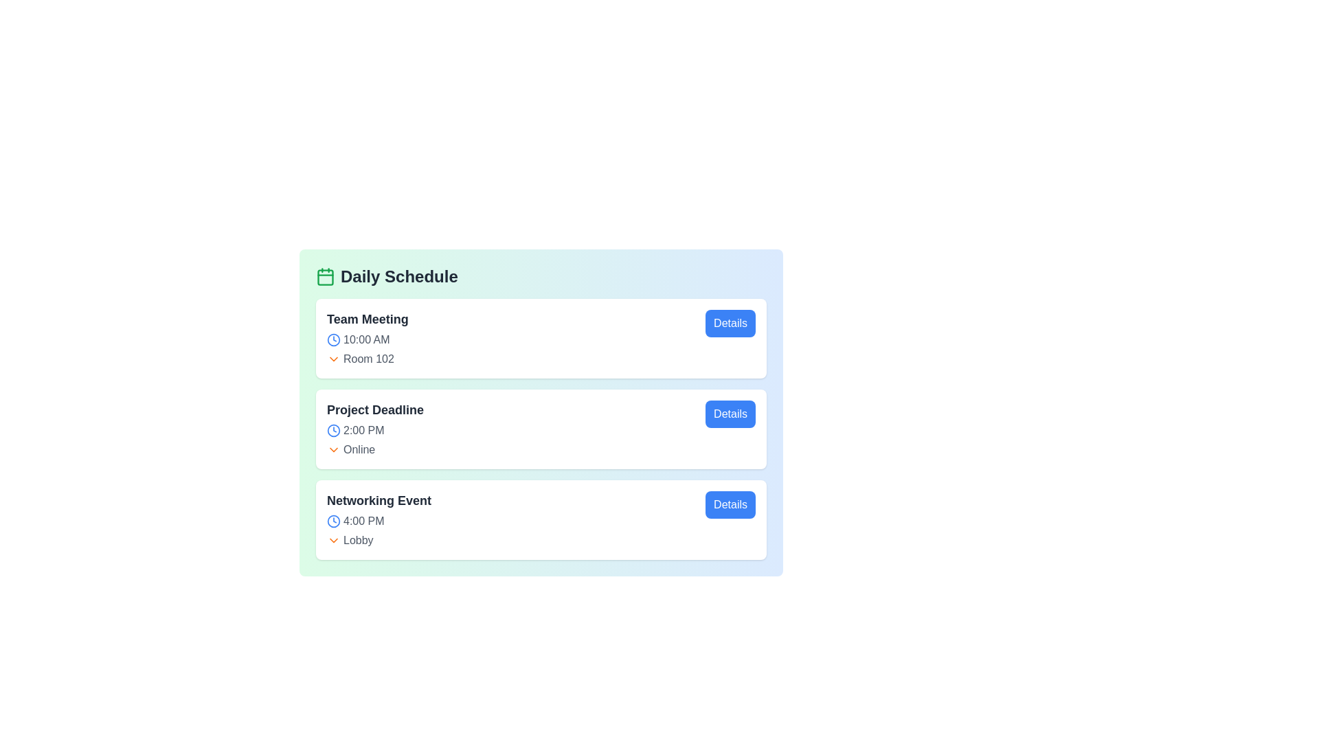  What do you see at coordinates (730, 505) in the screenshot?
I see `the 'Details' button with a bright blue background and white text on the right side of the 'Networking Event' card in the 'Daily Schedule' list` at bounding box center [730, 505].